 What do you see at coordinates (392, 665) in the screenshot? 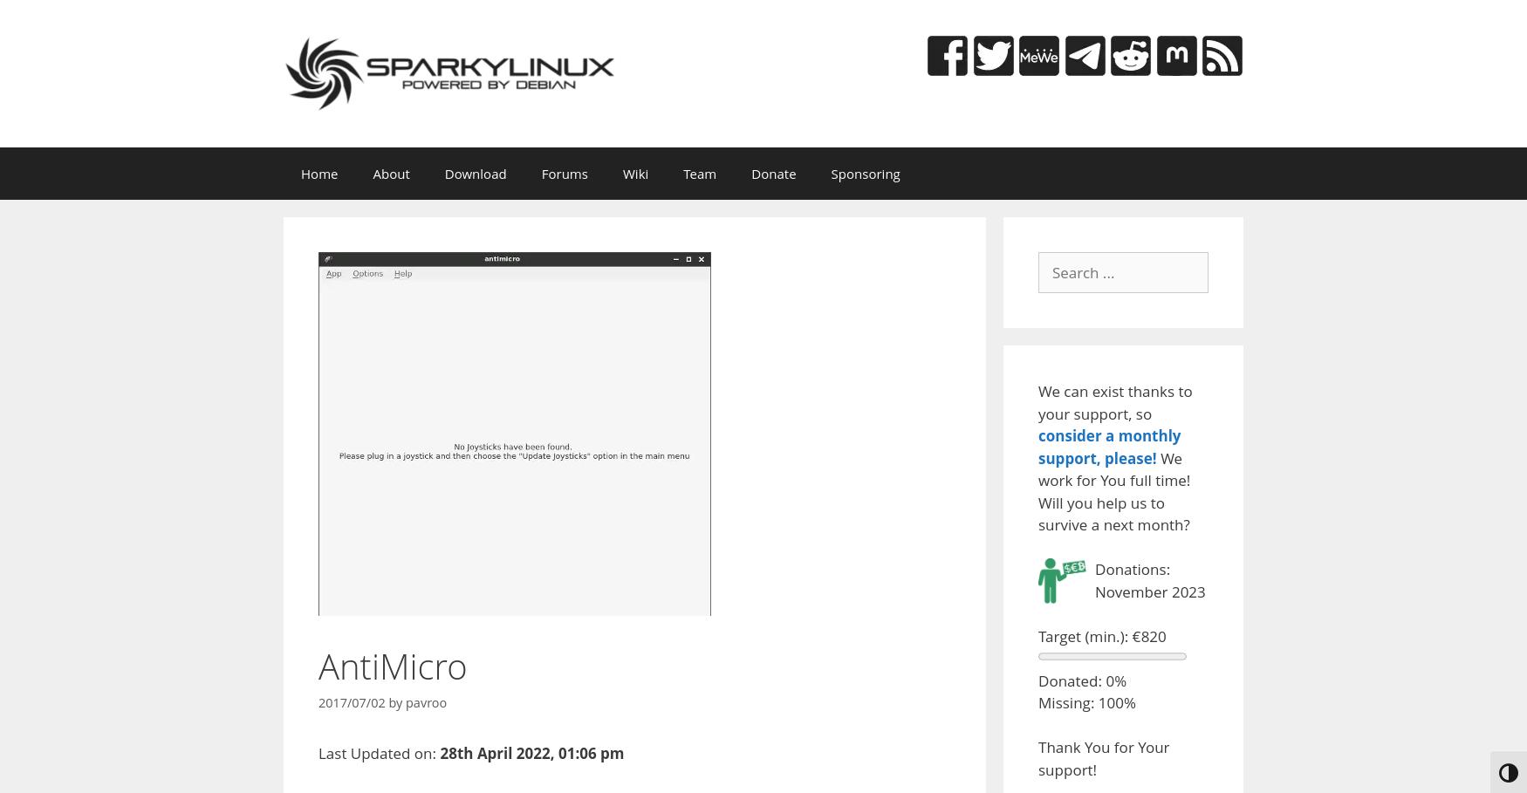
I see `'AntiMicro'` at bounding box center [392, 665].